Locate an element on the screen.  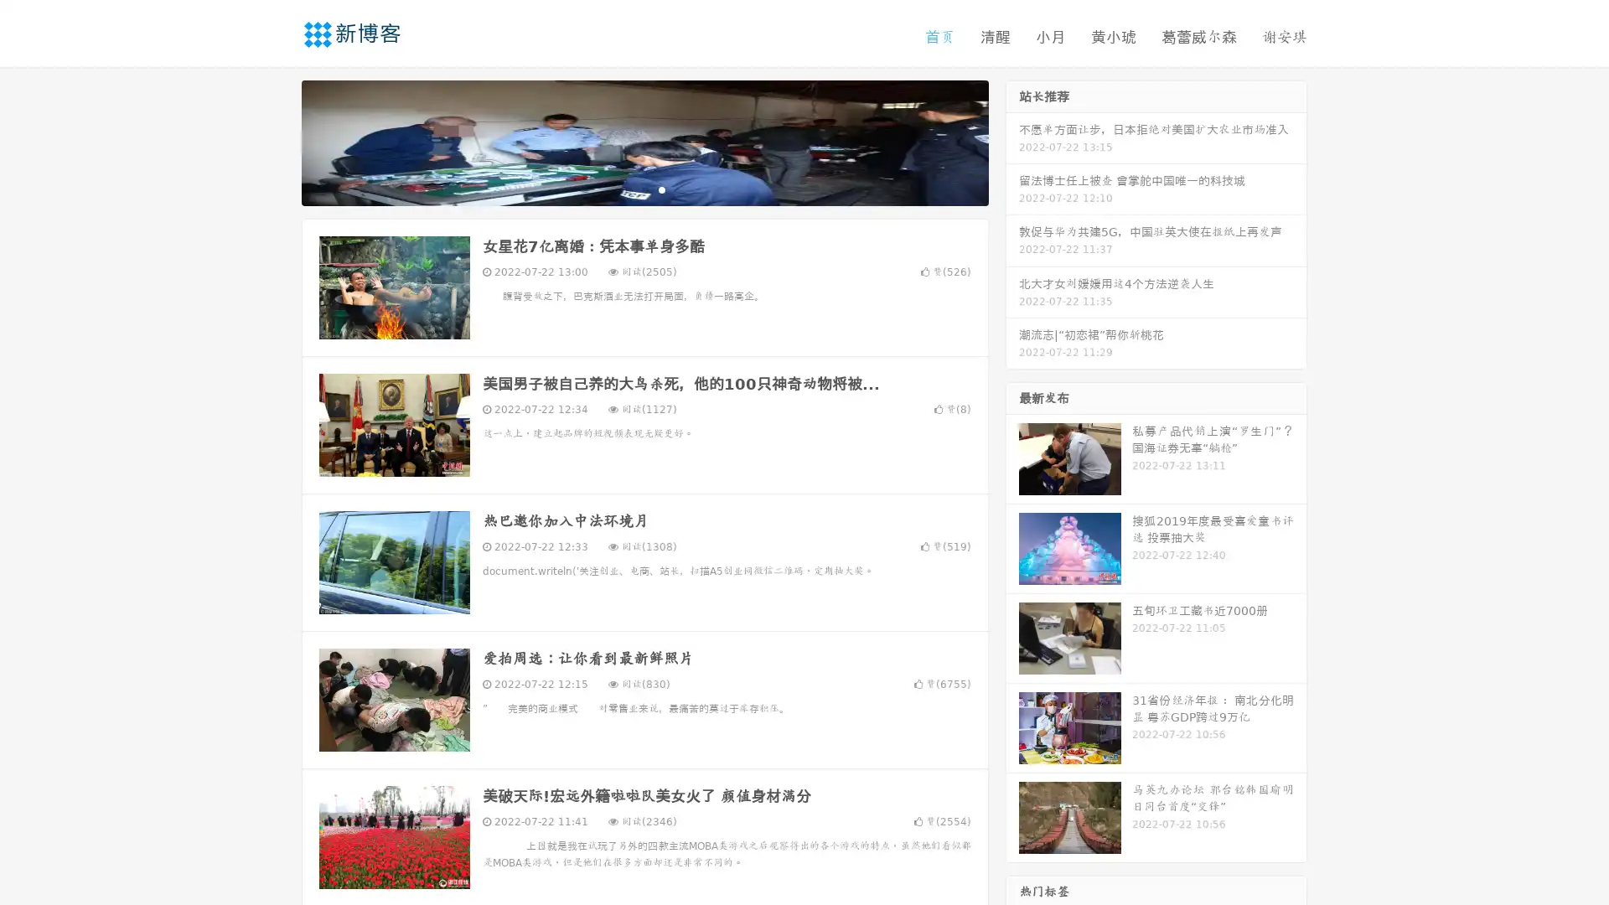
Go to slide 3 is located at coordinates (661, 189).